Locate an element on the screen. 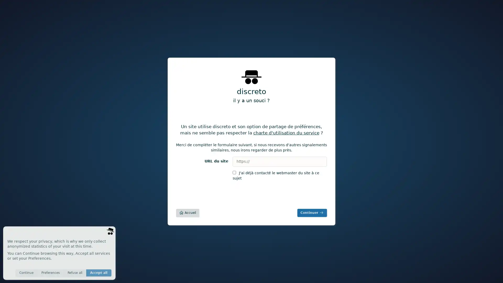 The image size is (503, 283). Refuse all is located at coordinates (75, 273).